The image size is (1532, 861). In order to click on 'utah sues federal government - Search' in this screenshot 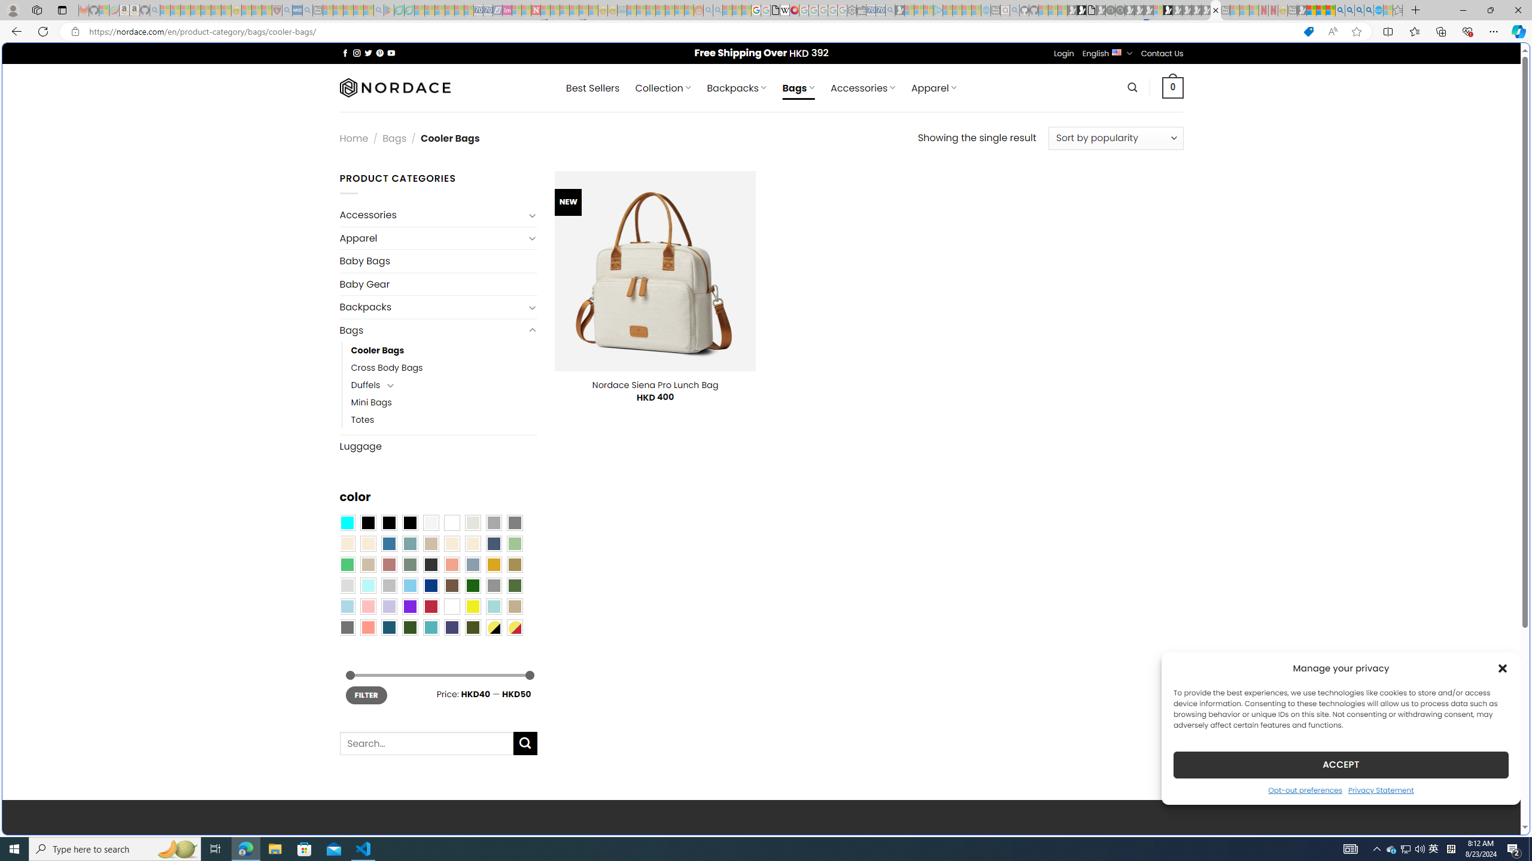, I will do `click(971, 408)`.